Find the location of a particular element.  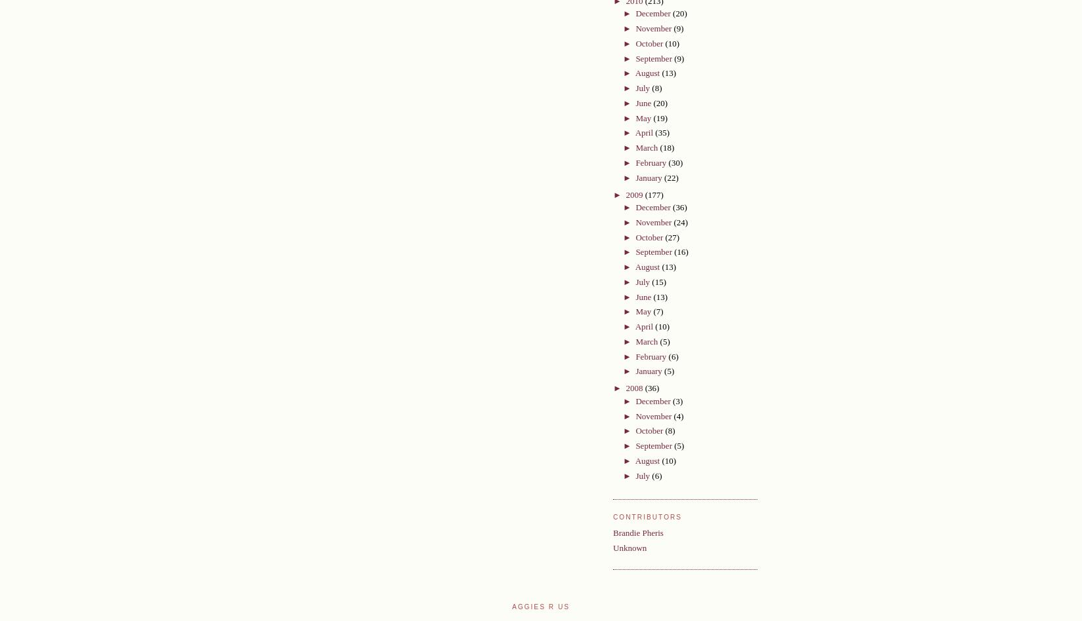

'(19)' is located at coordinates (652, 117).